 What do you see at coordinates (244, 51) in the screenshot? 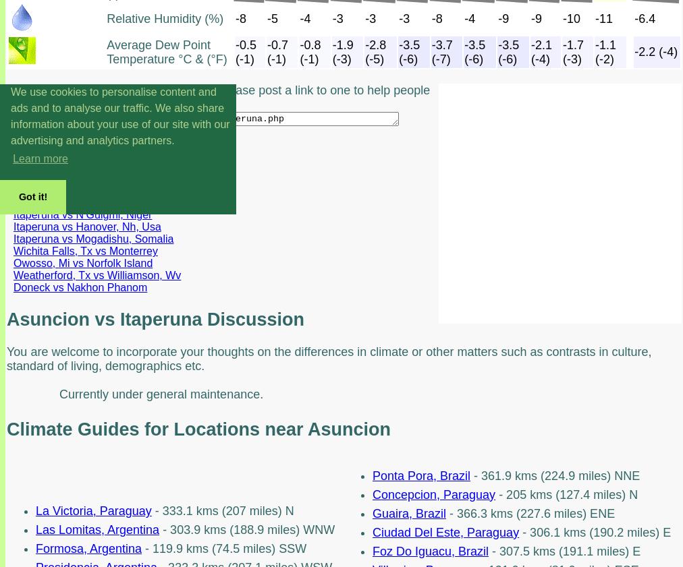
I see `'-0.5 (-1)'` at bounding box center [244, 51].